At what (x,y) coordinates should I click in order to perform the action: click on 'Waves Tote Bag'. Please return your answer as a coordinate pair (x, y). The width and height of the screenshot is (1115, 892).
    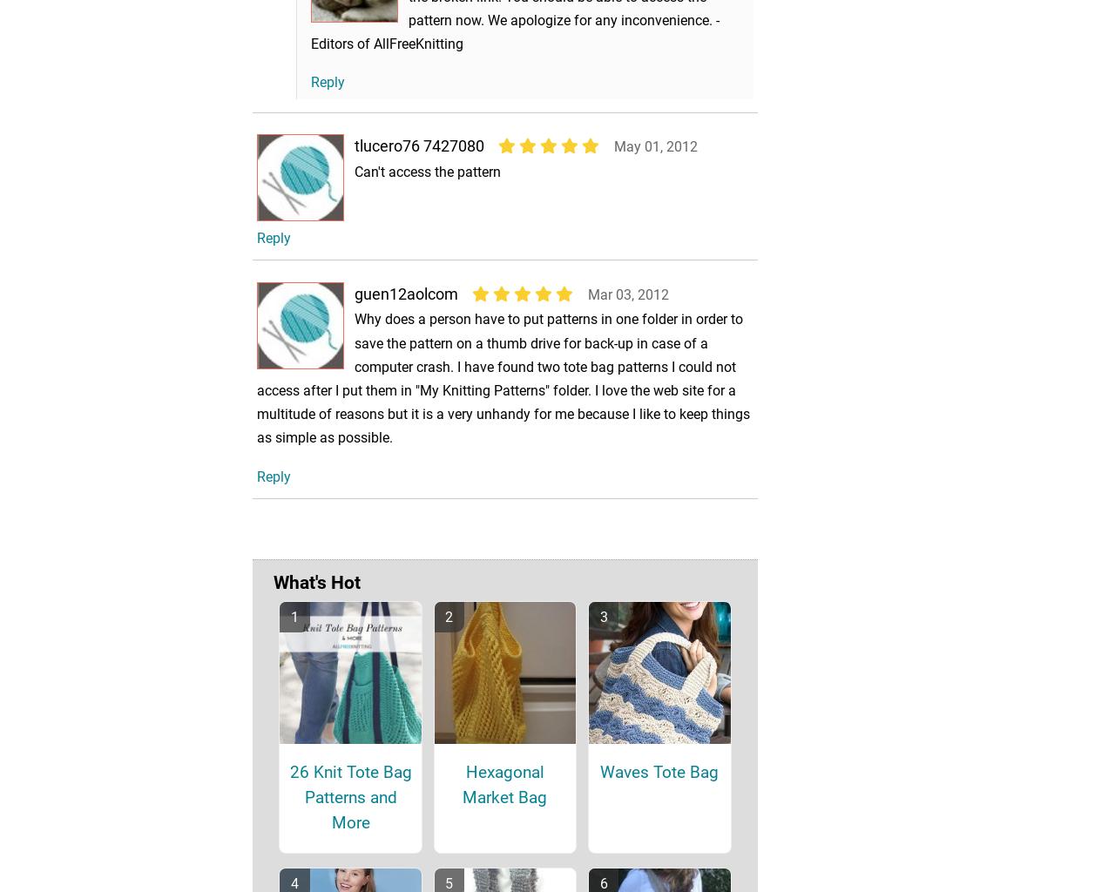
    Looking at the image, I should click on (658, 795).